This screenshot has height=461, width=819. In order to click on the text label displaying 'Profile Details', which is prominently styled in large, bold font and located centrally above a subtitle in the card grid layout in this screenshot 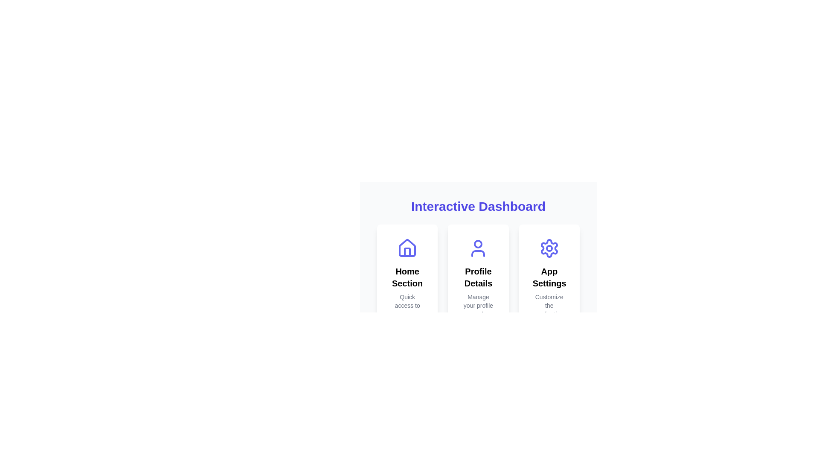, I will do `click(478, 277)`.